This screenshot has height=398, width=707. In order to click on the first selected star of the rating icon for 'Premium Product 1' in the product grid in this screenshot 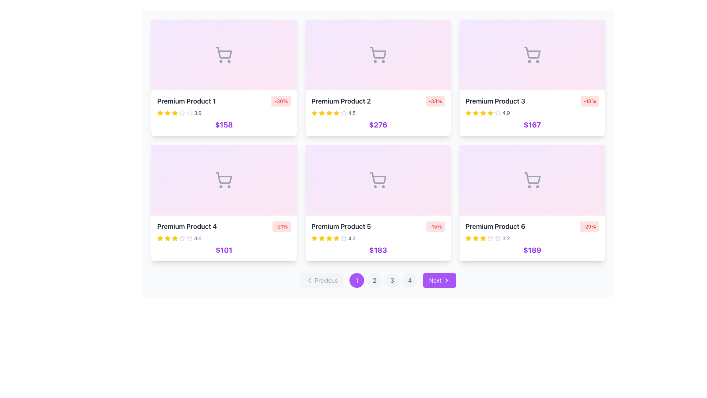, I will do `click(167, 113)`.